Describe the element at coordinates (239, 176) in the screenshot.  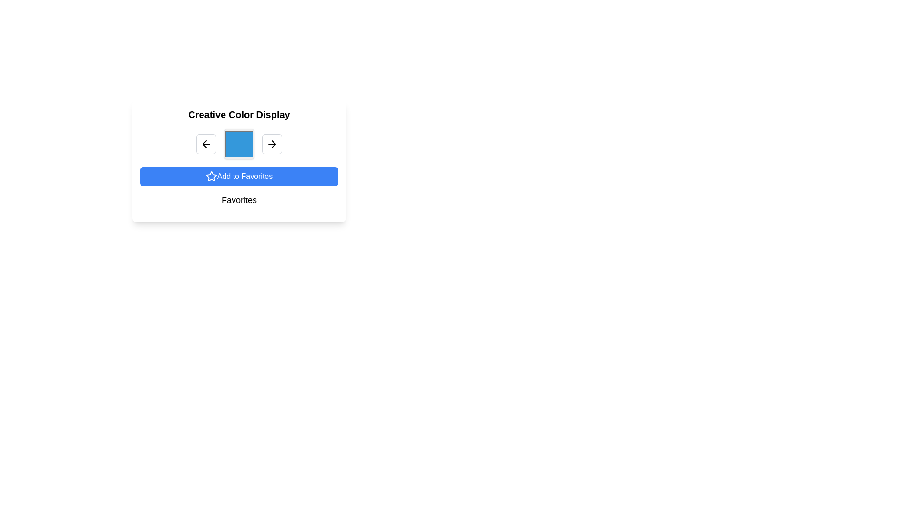
I see `the blue rectangular button with a white star icon and the text 'Add to Favorites'` at that location.